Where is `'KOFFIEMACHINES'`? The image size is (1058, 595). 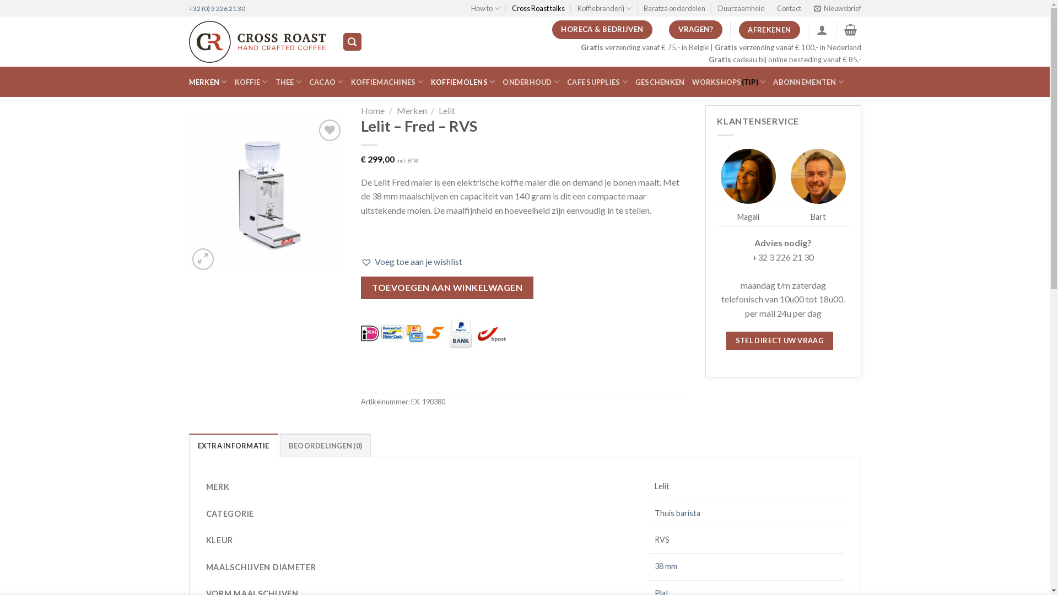
'KOFFIEMACHINES' is located at coordinates (387, 82).